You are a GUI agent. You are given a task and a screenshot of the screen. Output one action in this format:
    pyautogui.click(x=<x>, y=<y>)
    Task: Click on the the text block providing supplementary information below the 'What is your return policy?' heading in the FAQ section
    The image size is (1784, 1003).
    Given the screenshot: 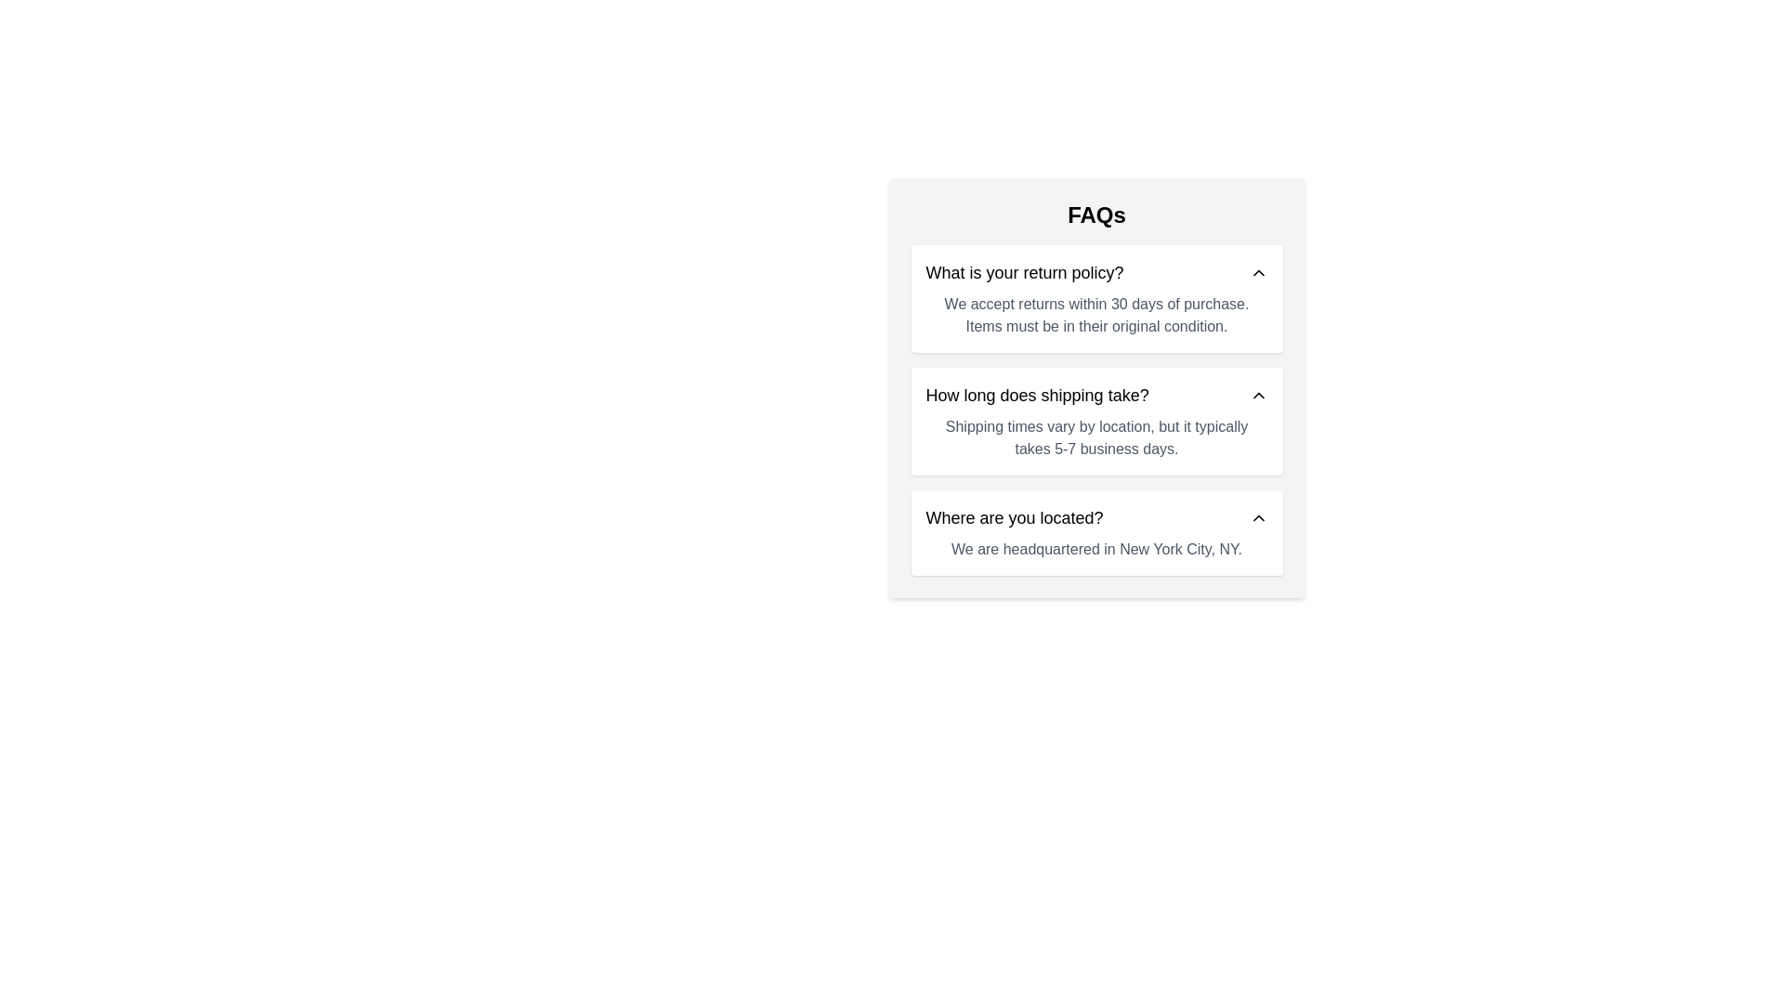 What is the action you would take?
    pyautogui.click(x=1096, y=314)
    